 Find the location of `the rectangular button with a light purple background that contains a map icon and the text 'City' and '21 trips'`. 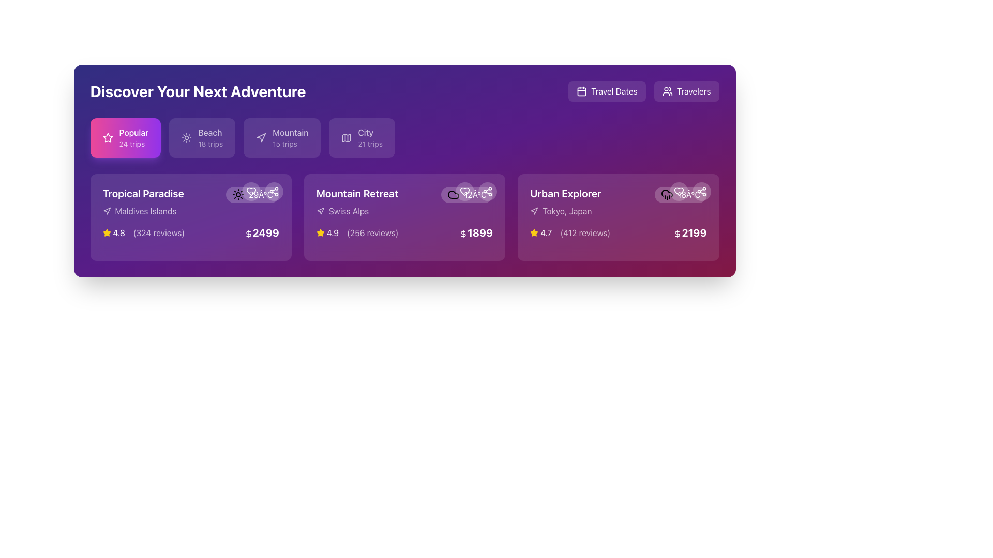

the rectangular button with a light purple background that contains a map icon and the text 'City' and '21 trips' is located at coordinates (362, 137).